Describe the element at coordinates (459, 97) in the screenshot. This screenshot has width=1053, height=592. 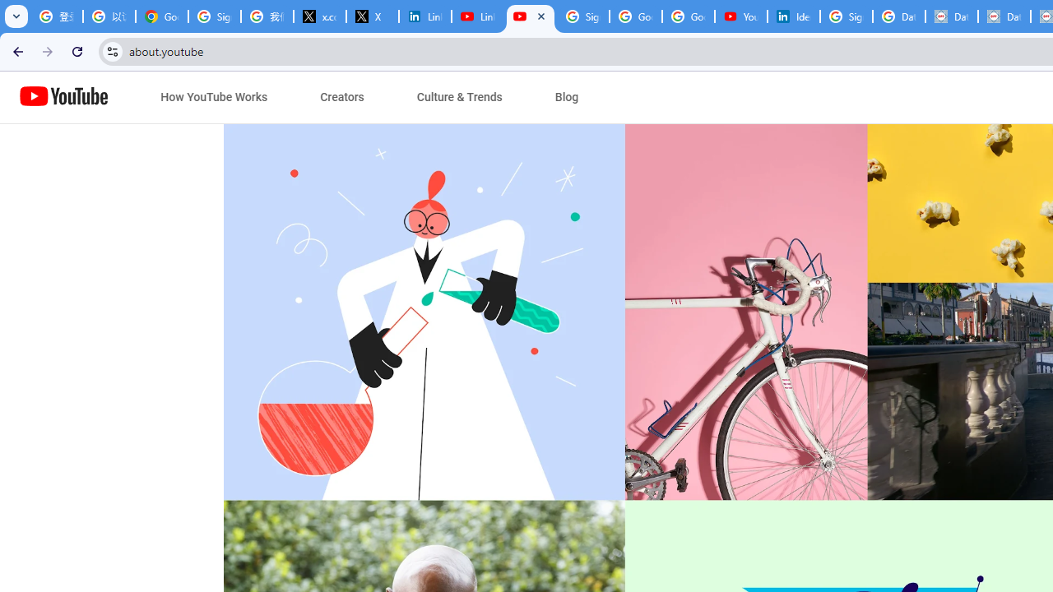
I see `'Culture & Trends'` at that location.